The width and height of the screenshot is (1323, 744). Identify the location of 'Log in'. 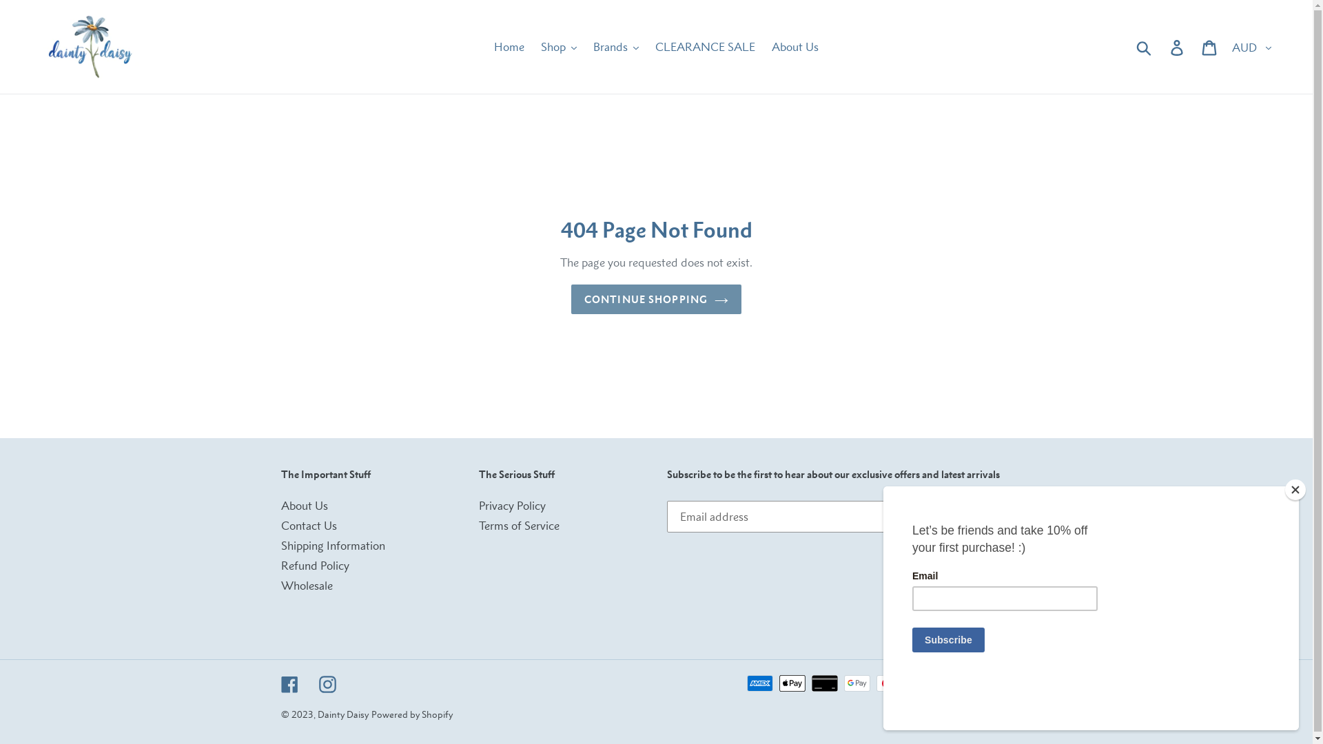
(1160, 46).